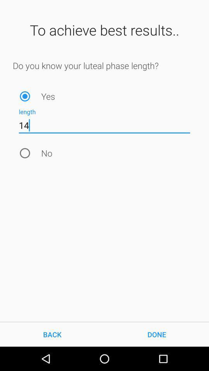 The image size is (209, 371). I want to click on yes, so click(25, 96).